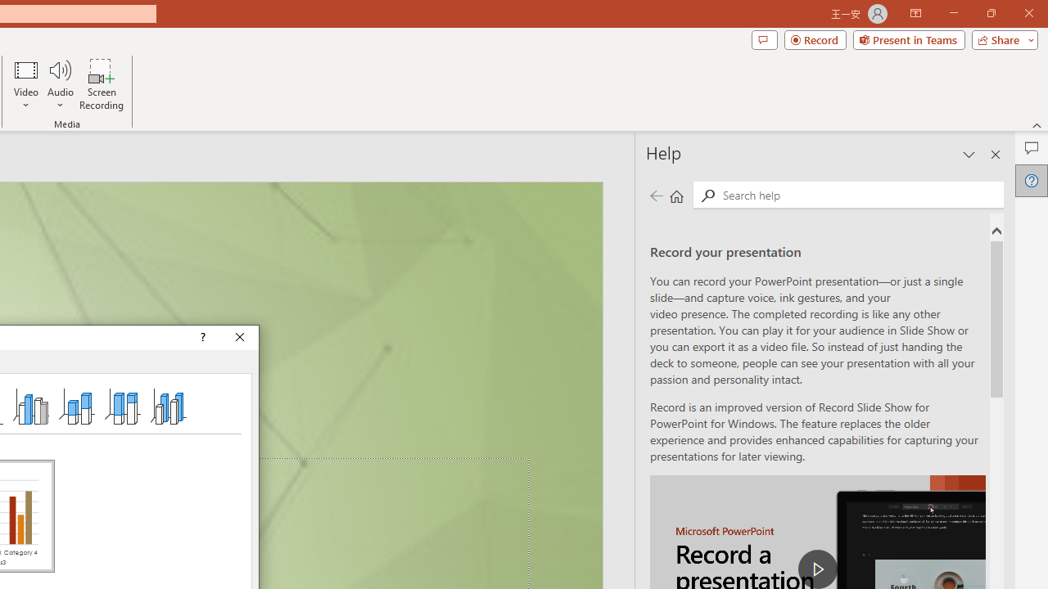 The height and width of the screenshot is (589, 1048). What do you see at coordinates (656, 195) in the screenshot?
I see `'Previous page'` at bounding box center [656, 195].